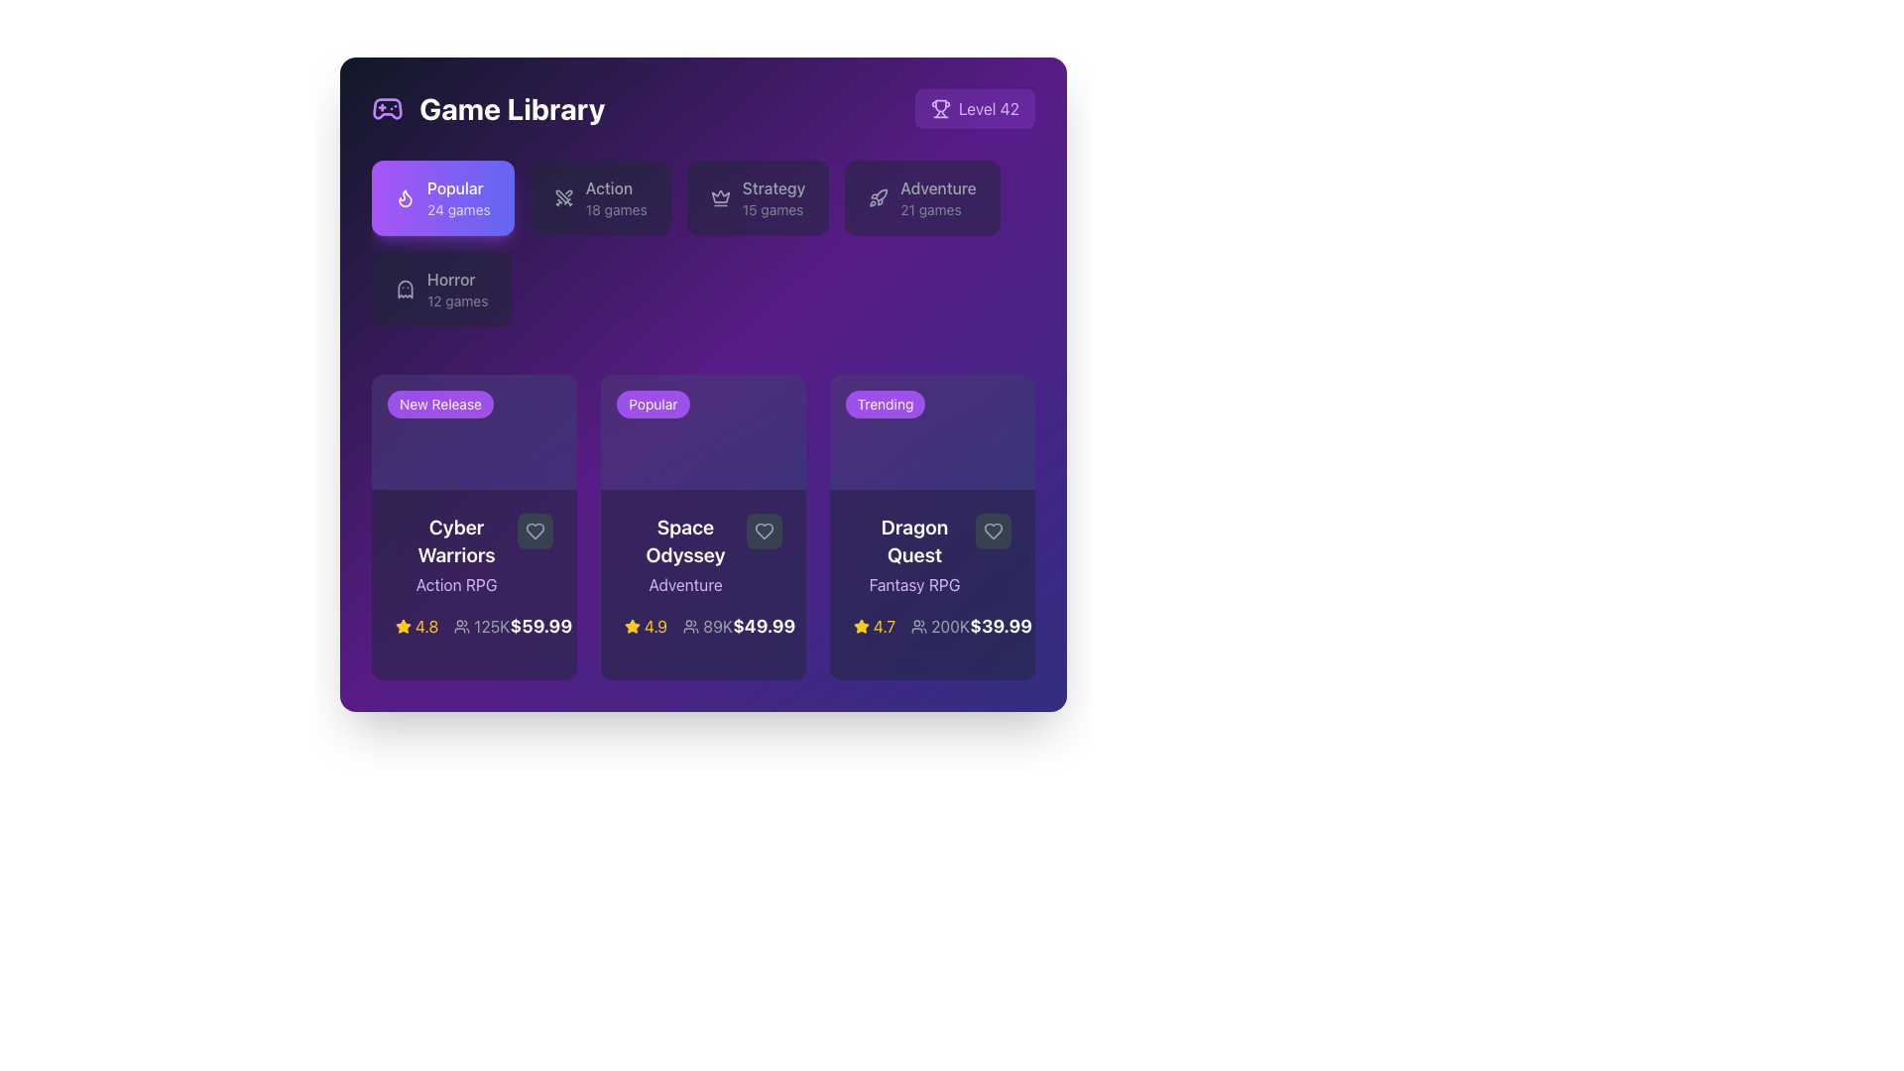  Describe the element at coordinates (416, 627) in the screenshot. I see `the rating value displayed by the star icon for the 'Cyber Warriors' game, located in the first card of the bottom row of the game list` at that location.